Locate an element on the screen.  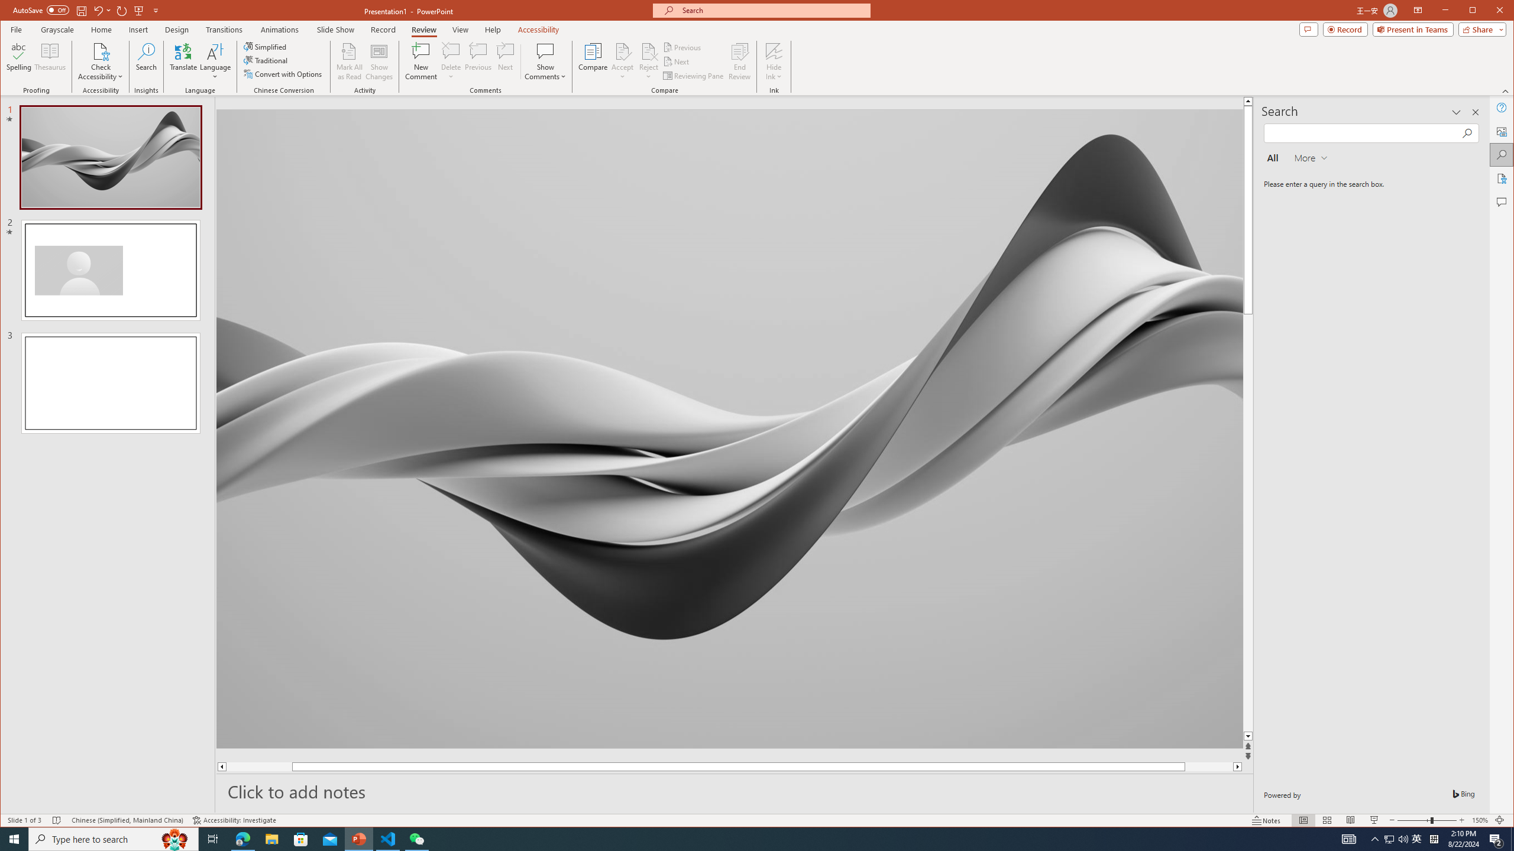
'Convert with Options...' is located at coordinates (284, 74).